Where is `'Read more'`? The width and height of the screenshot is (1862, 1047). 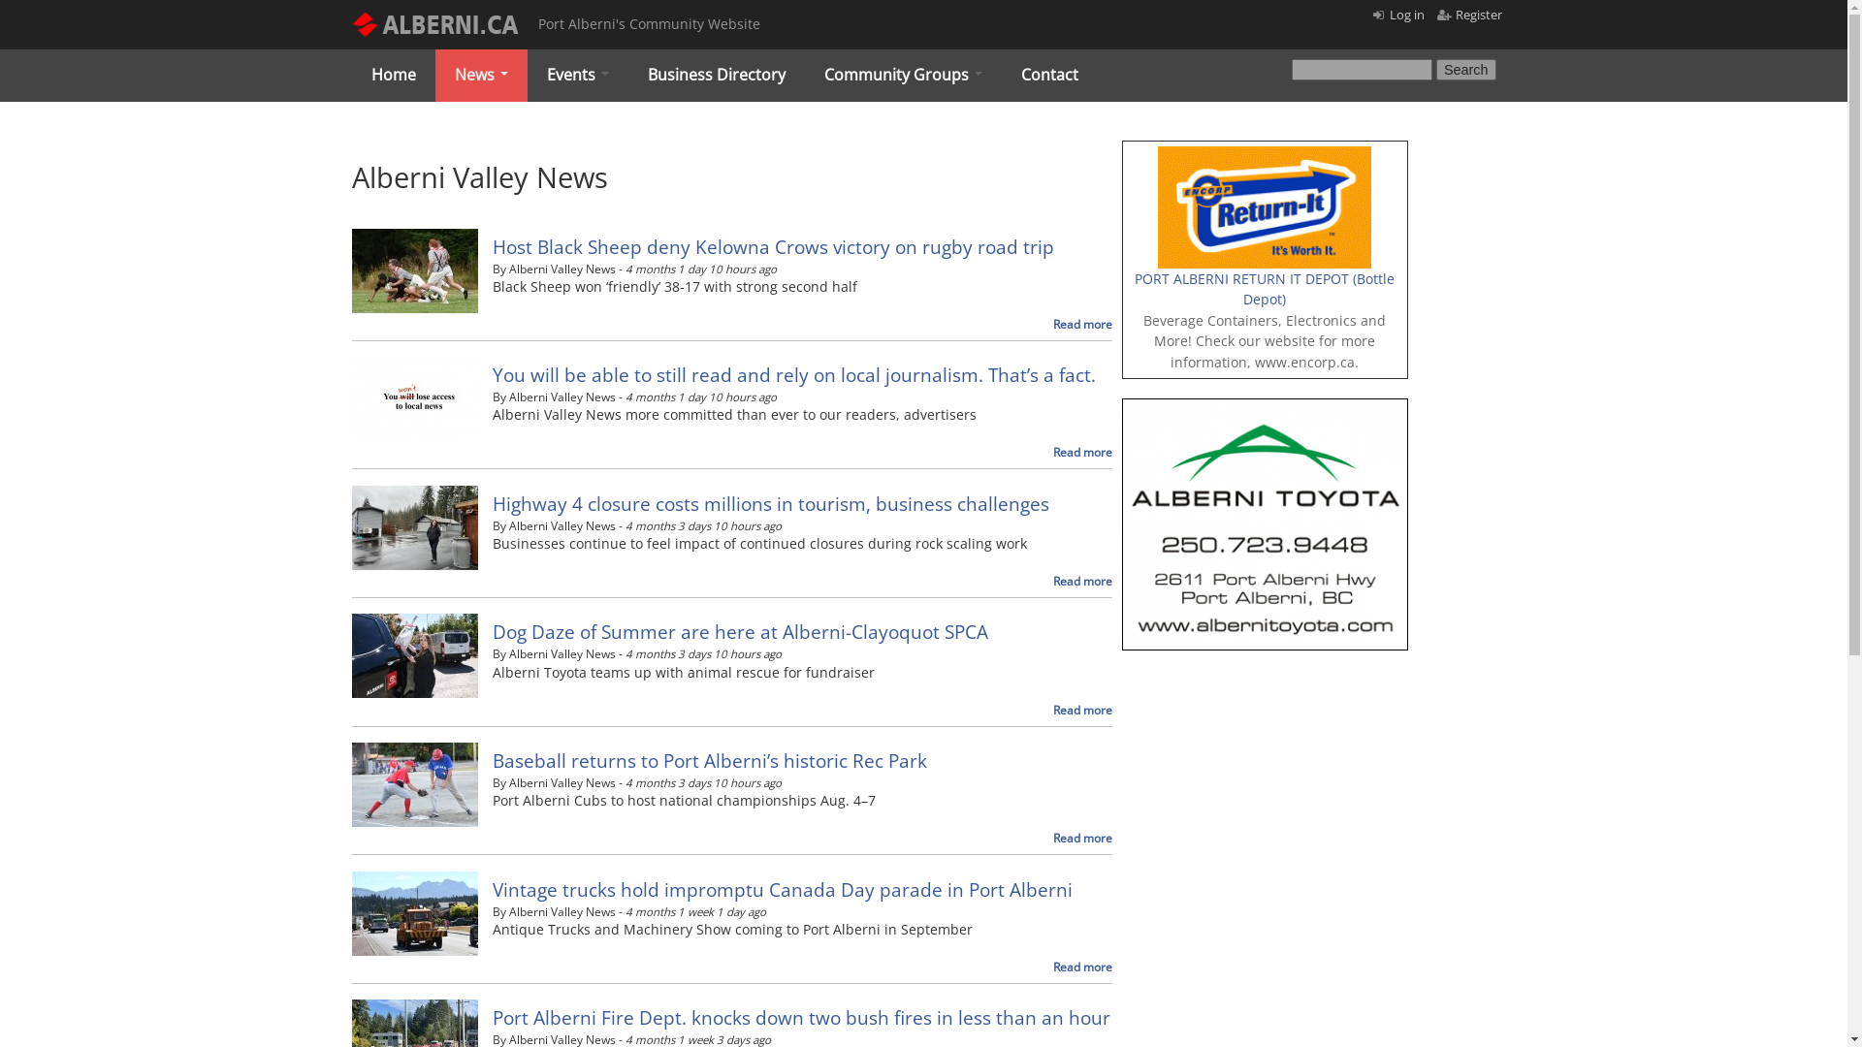
'Read more' is located at coordinates (1081, 580).